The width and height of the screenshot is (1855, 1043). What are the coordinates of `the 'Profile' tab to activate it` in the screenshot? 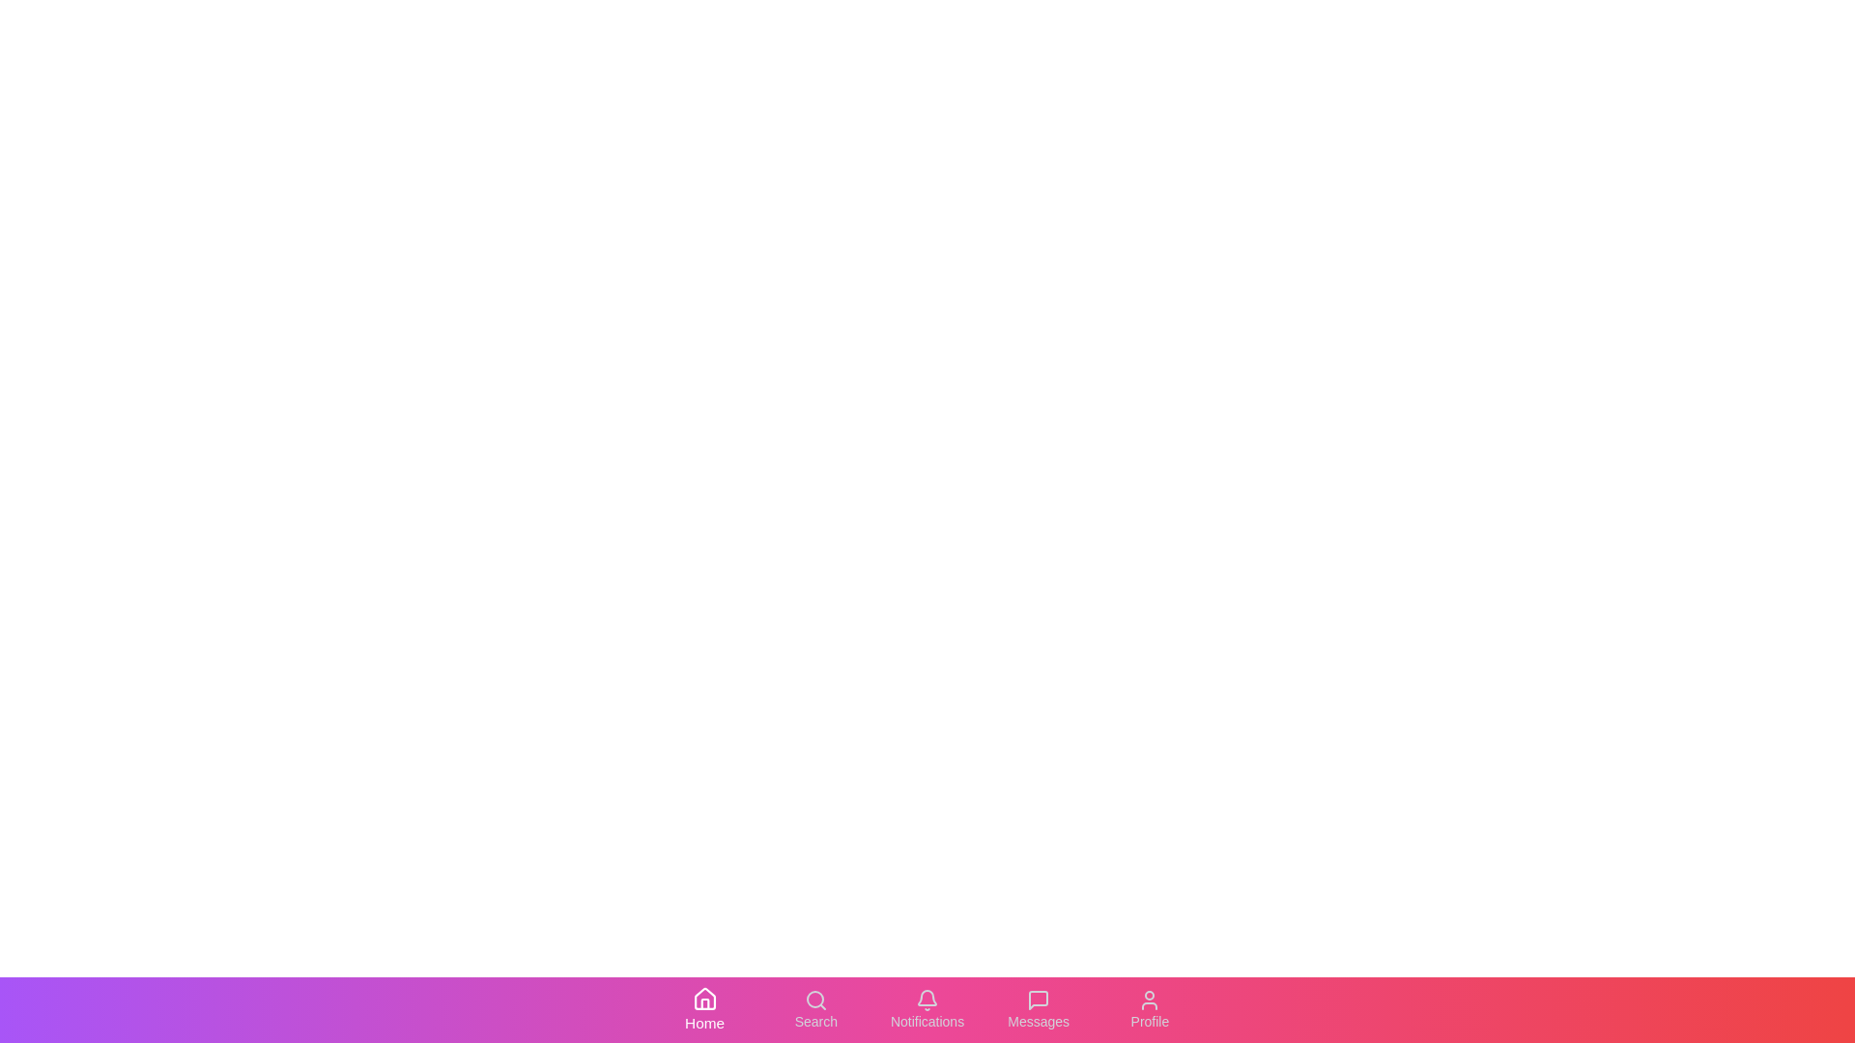 It's located at (1150, 1008).